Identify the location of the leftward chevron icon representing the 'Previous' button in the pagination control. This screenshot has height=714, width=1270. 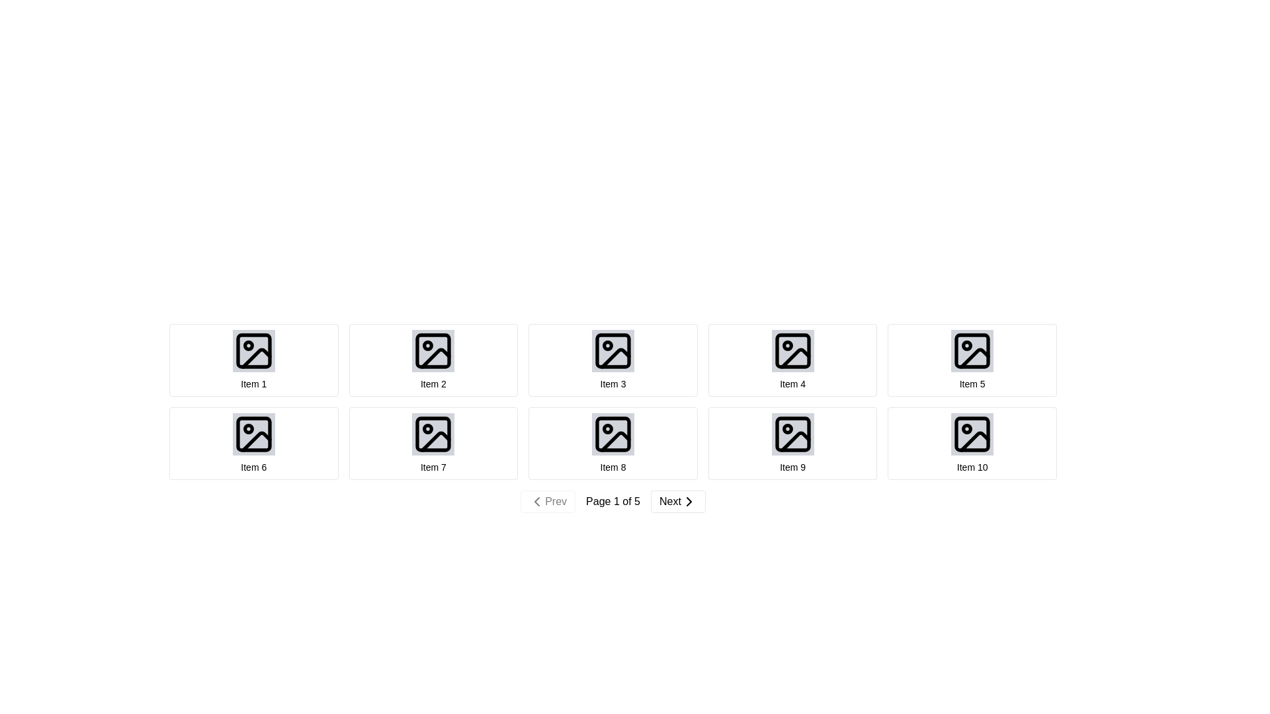
(537, 502).